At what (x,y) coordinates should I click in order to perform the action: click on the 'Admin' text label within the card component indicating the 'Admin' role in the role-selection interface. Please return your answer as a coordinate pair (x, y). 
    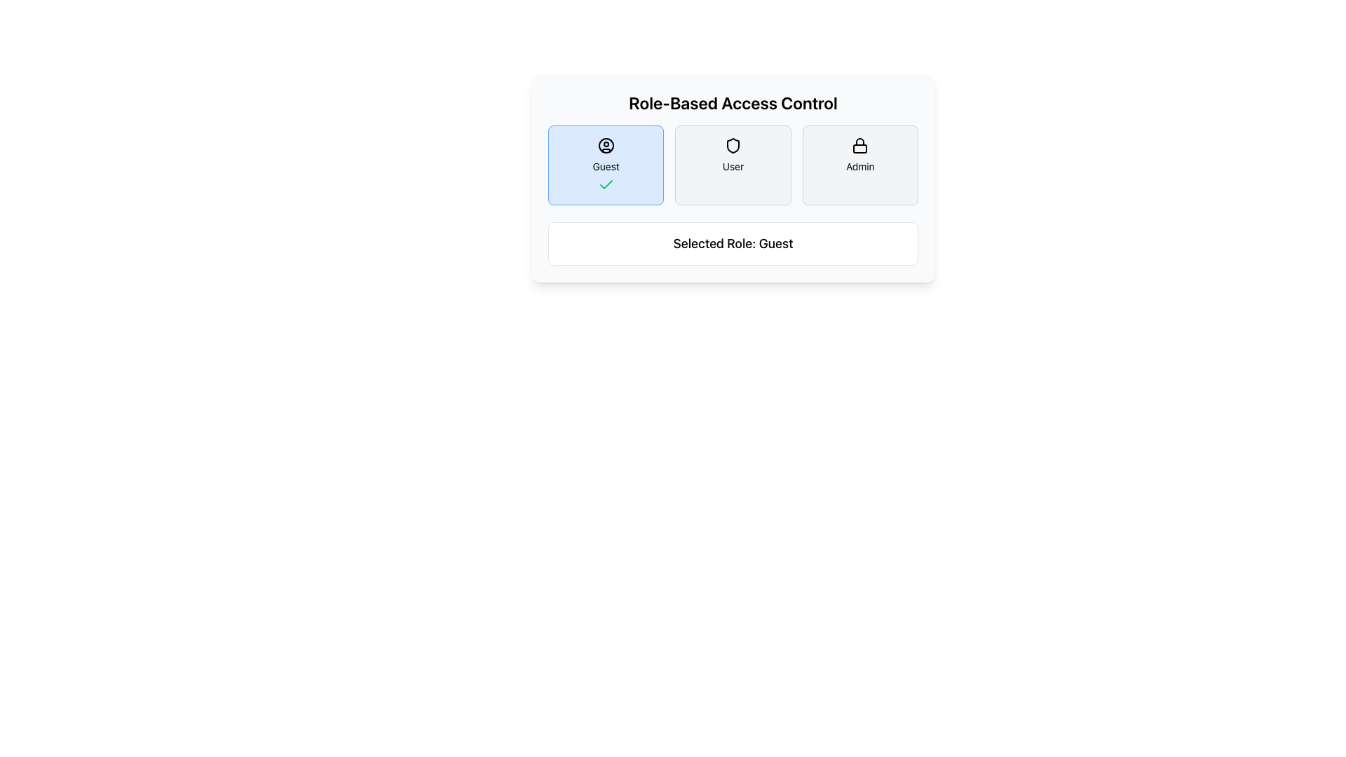
    Looking at the image, I should click on (859, 166).